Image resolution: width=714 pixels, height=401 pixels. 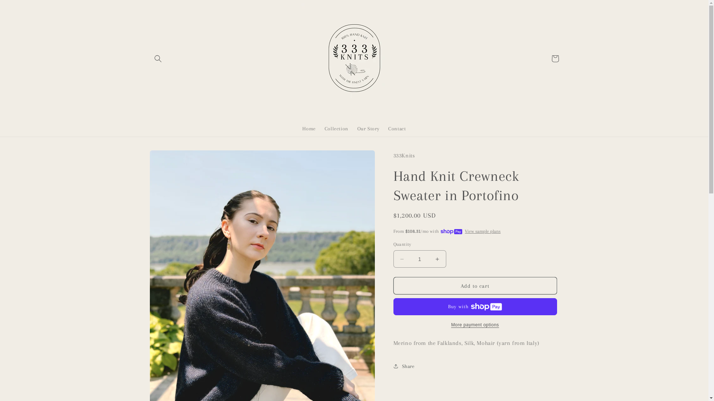 What do you see at coordinates (298, 128) in the screenshot?
I see `'Home'` at bounding box center [298, 128].